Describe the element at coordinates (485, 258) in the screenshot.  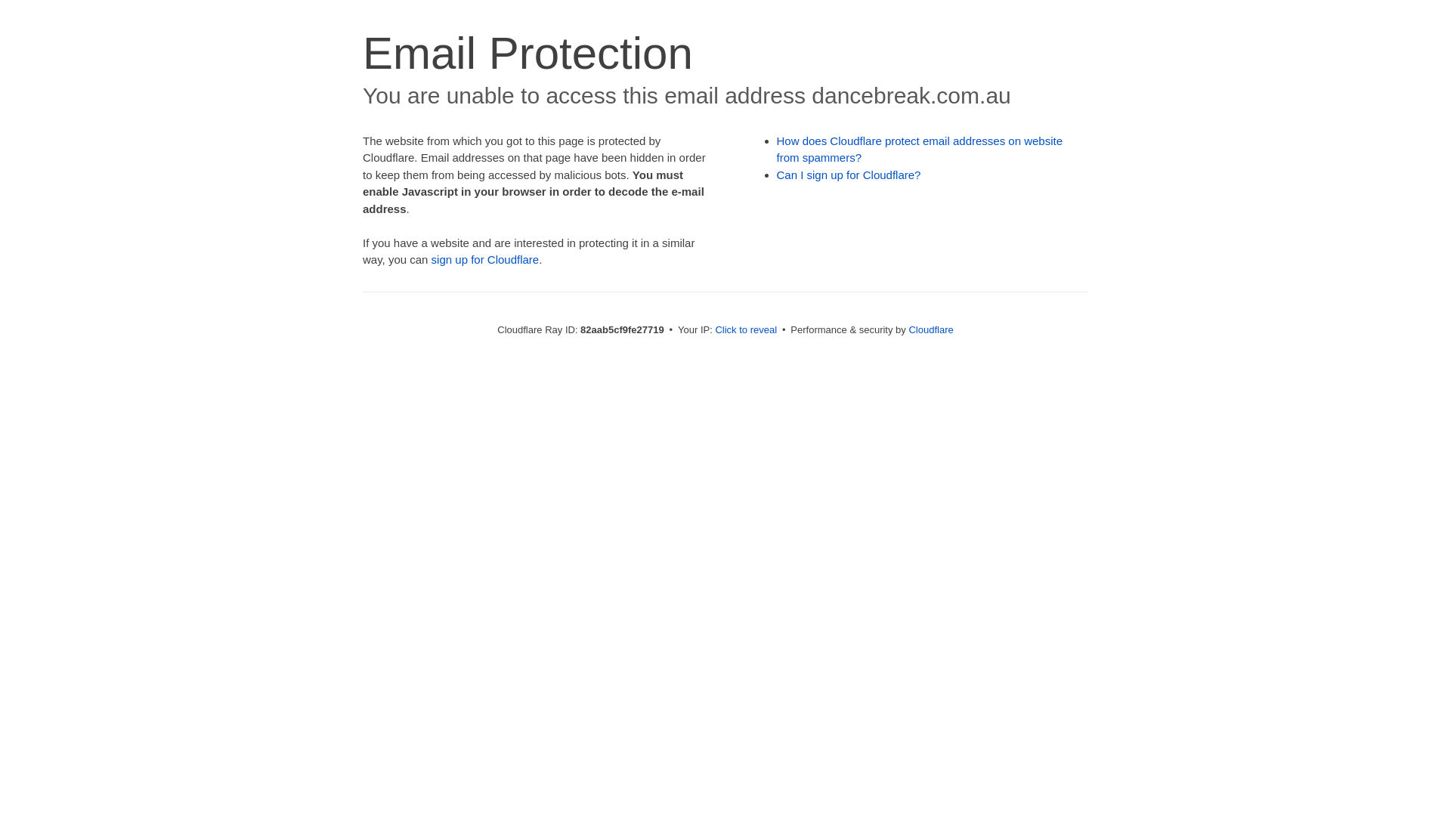
I see `'sign up for Cloudflare'` at that location.